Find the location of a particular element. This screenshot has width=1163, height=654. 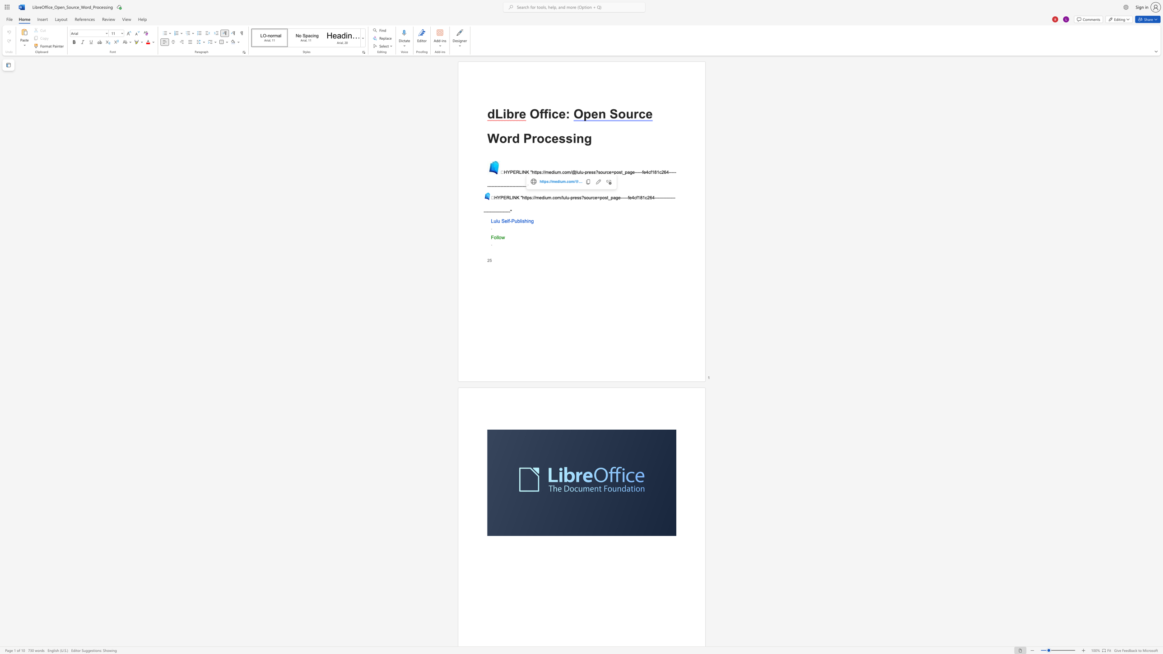

the space between the continuous character "l" and "f" in the text is located at coordinates (508, 221).